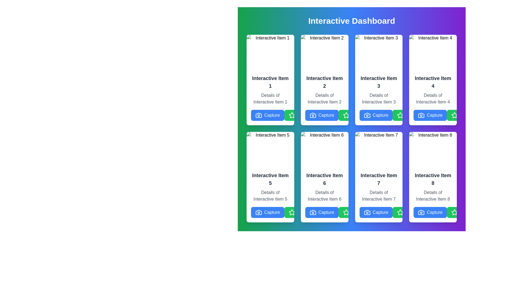  Describe the element at coordinates (409, 212) in the screenshot. I see `the second button in the group of three buttons located in the bottom-right corner of the card for 'Interactive Item 7' to mark it as a favorite` at that location.